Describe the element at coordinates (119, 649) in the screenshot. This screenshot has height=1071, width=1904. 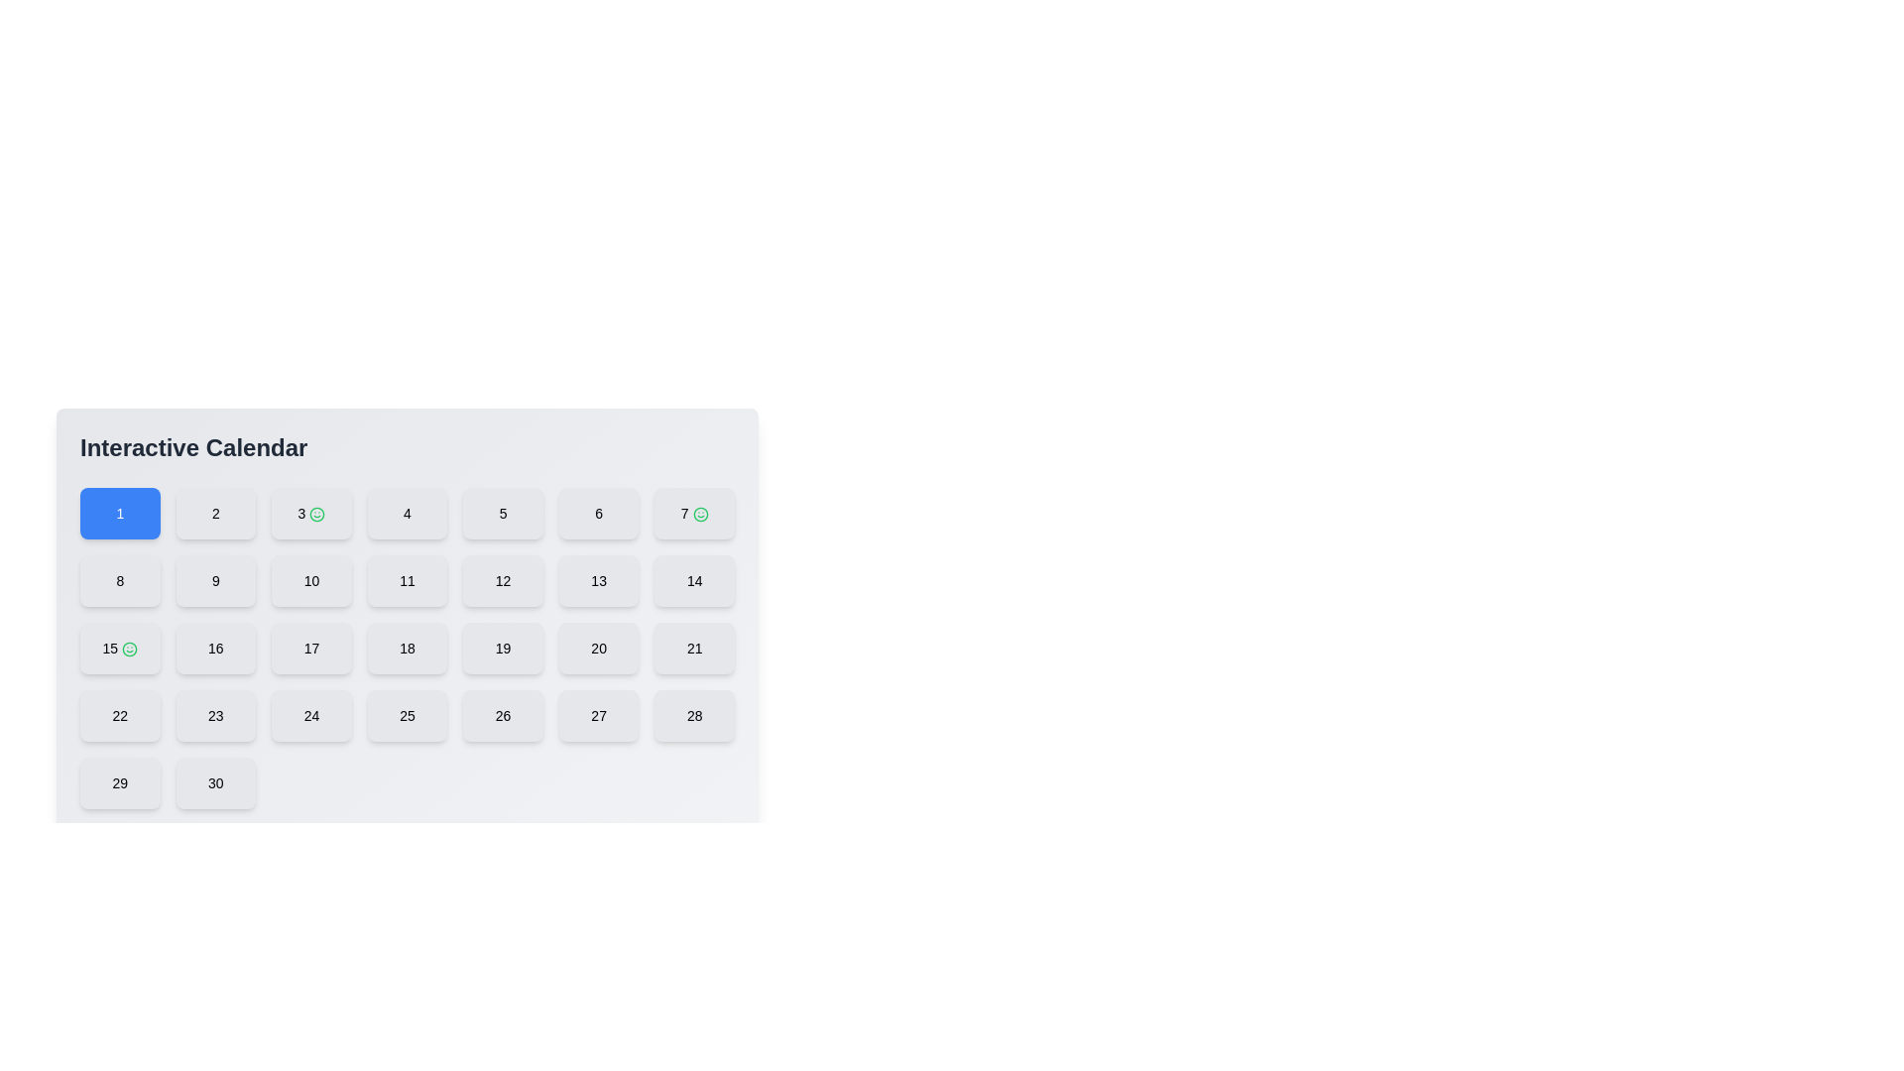
I see `the rectangular light-gray button labeled '15' with a green smiley-face icon in the 'Interactive Calendar' section` at that location.